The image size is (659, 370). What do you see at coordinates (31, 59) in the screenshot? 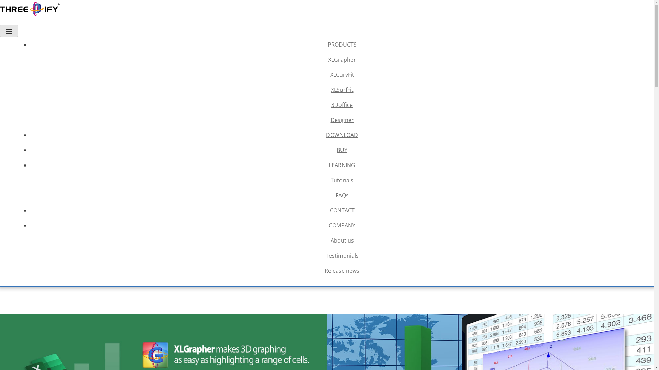
I see `'XLGrapher'` at bounding box center [31, 59].